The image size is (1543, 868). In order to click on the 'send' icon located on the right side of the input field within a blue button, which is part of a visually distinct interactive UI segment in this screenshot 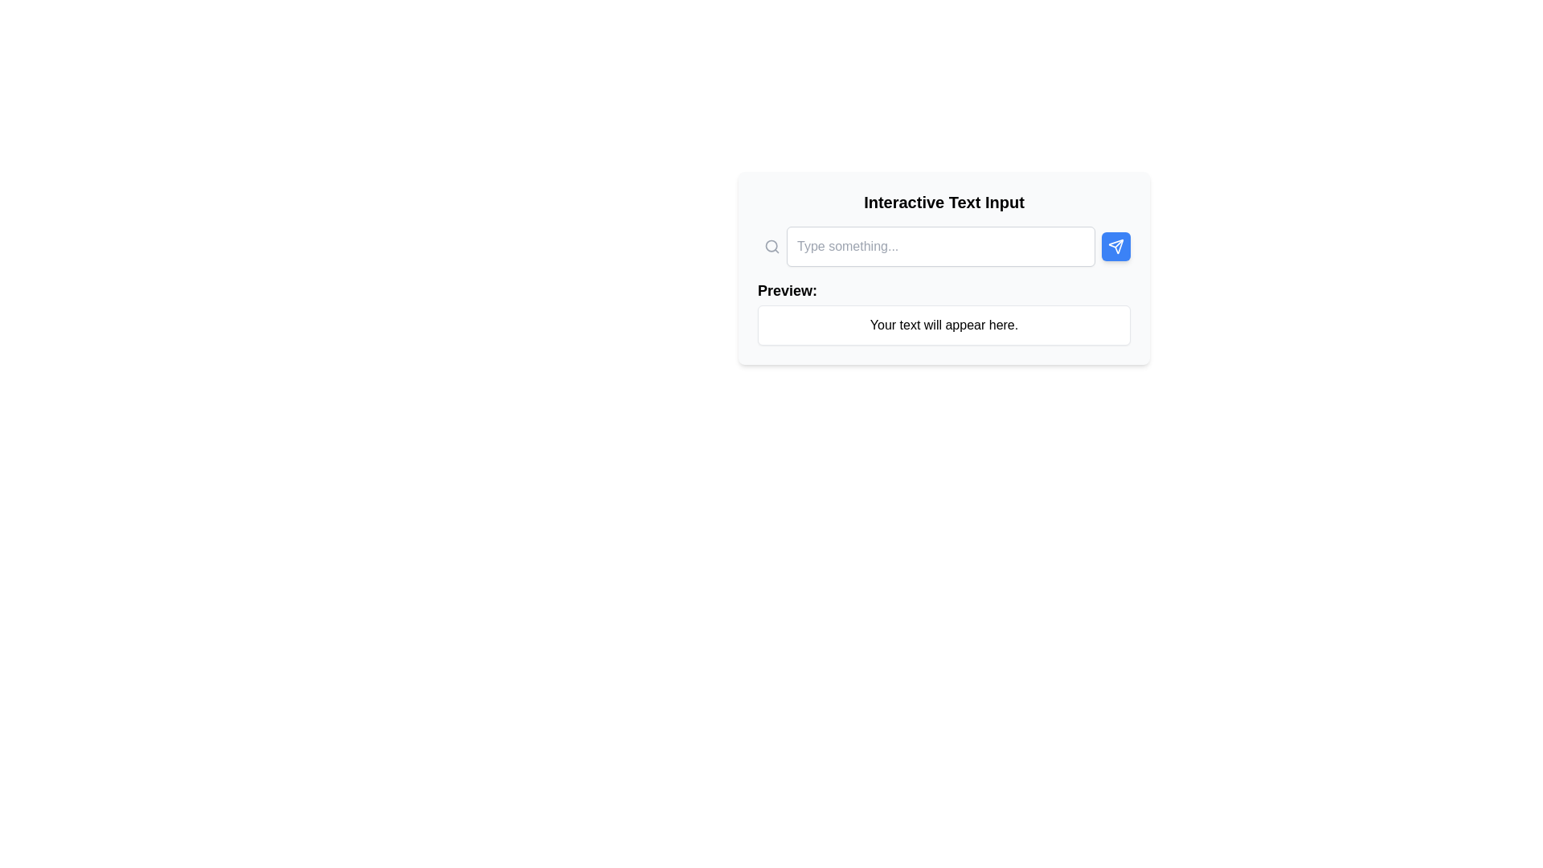, I will do `click(1115, 247)`.